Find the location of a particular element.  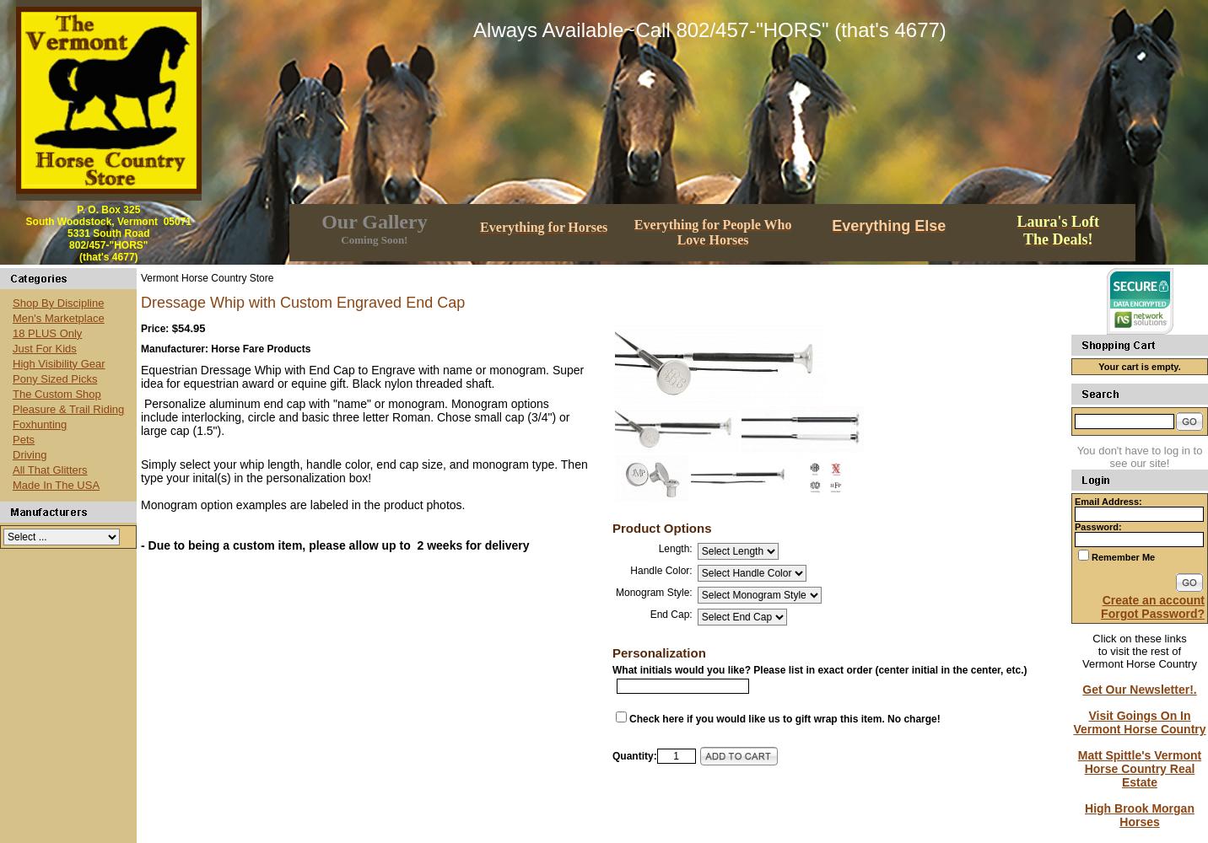

'Laura's Loft' is located at coordinates (1058, 222).